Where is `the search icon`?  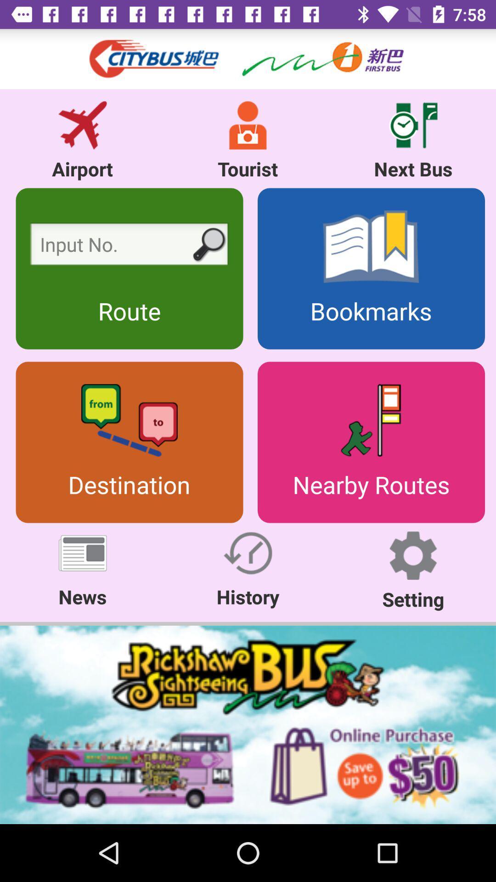
the search icon is located at coordinates (208, 245).